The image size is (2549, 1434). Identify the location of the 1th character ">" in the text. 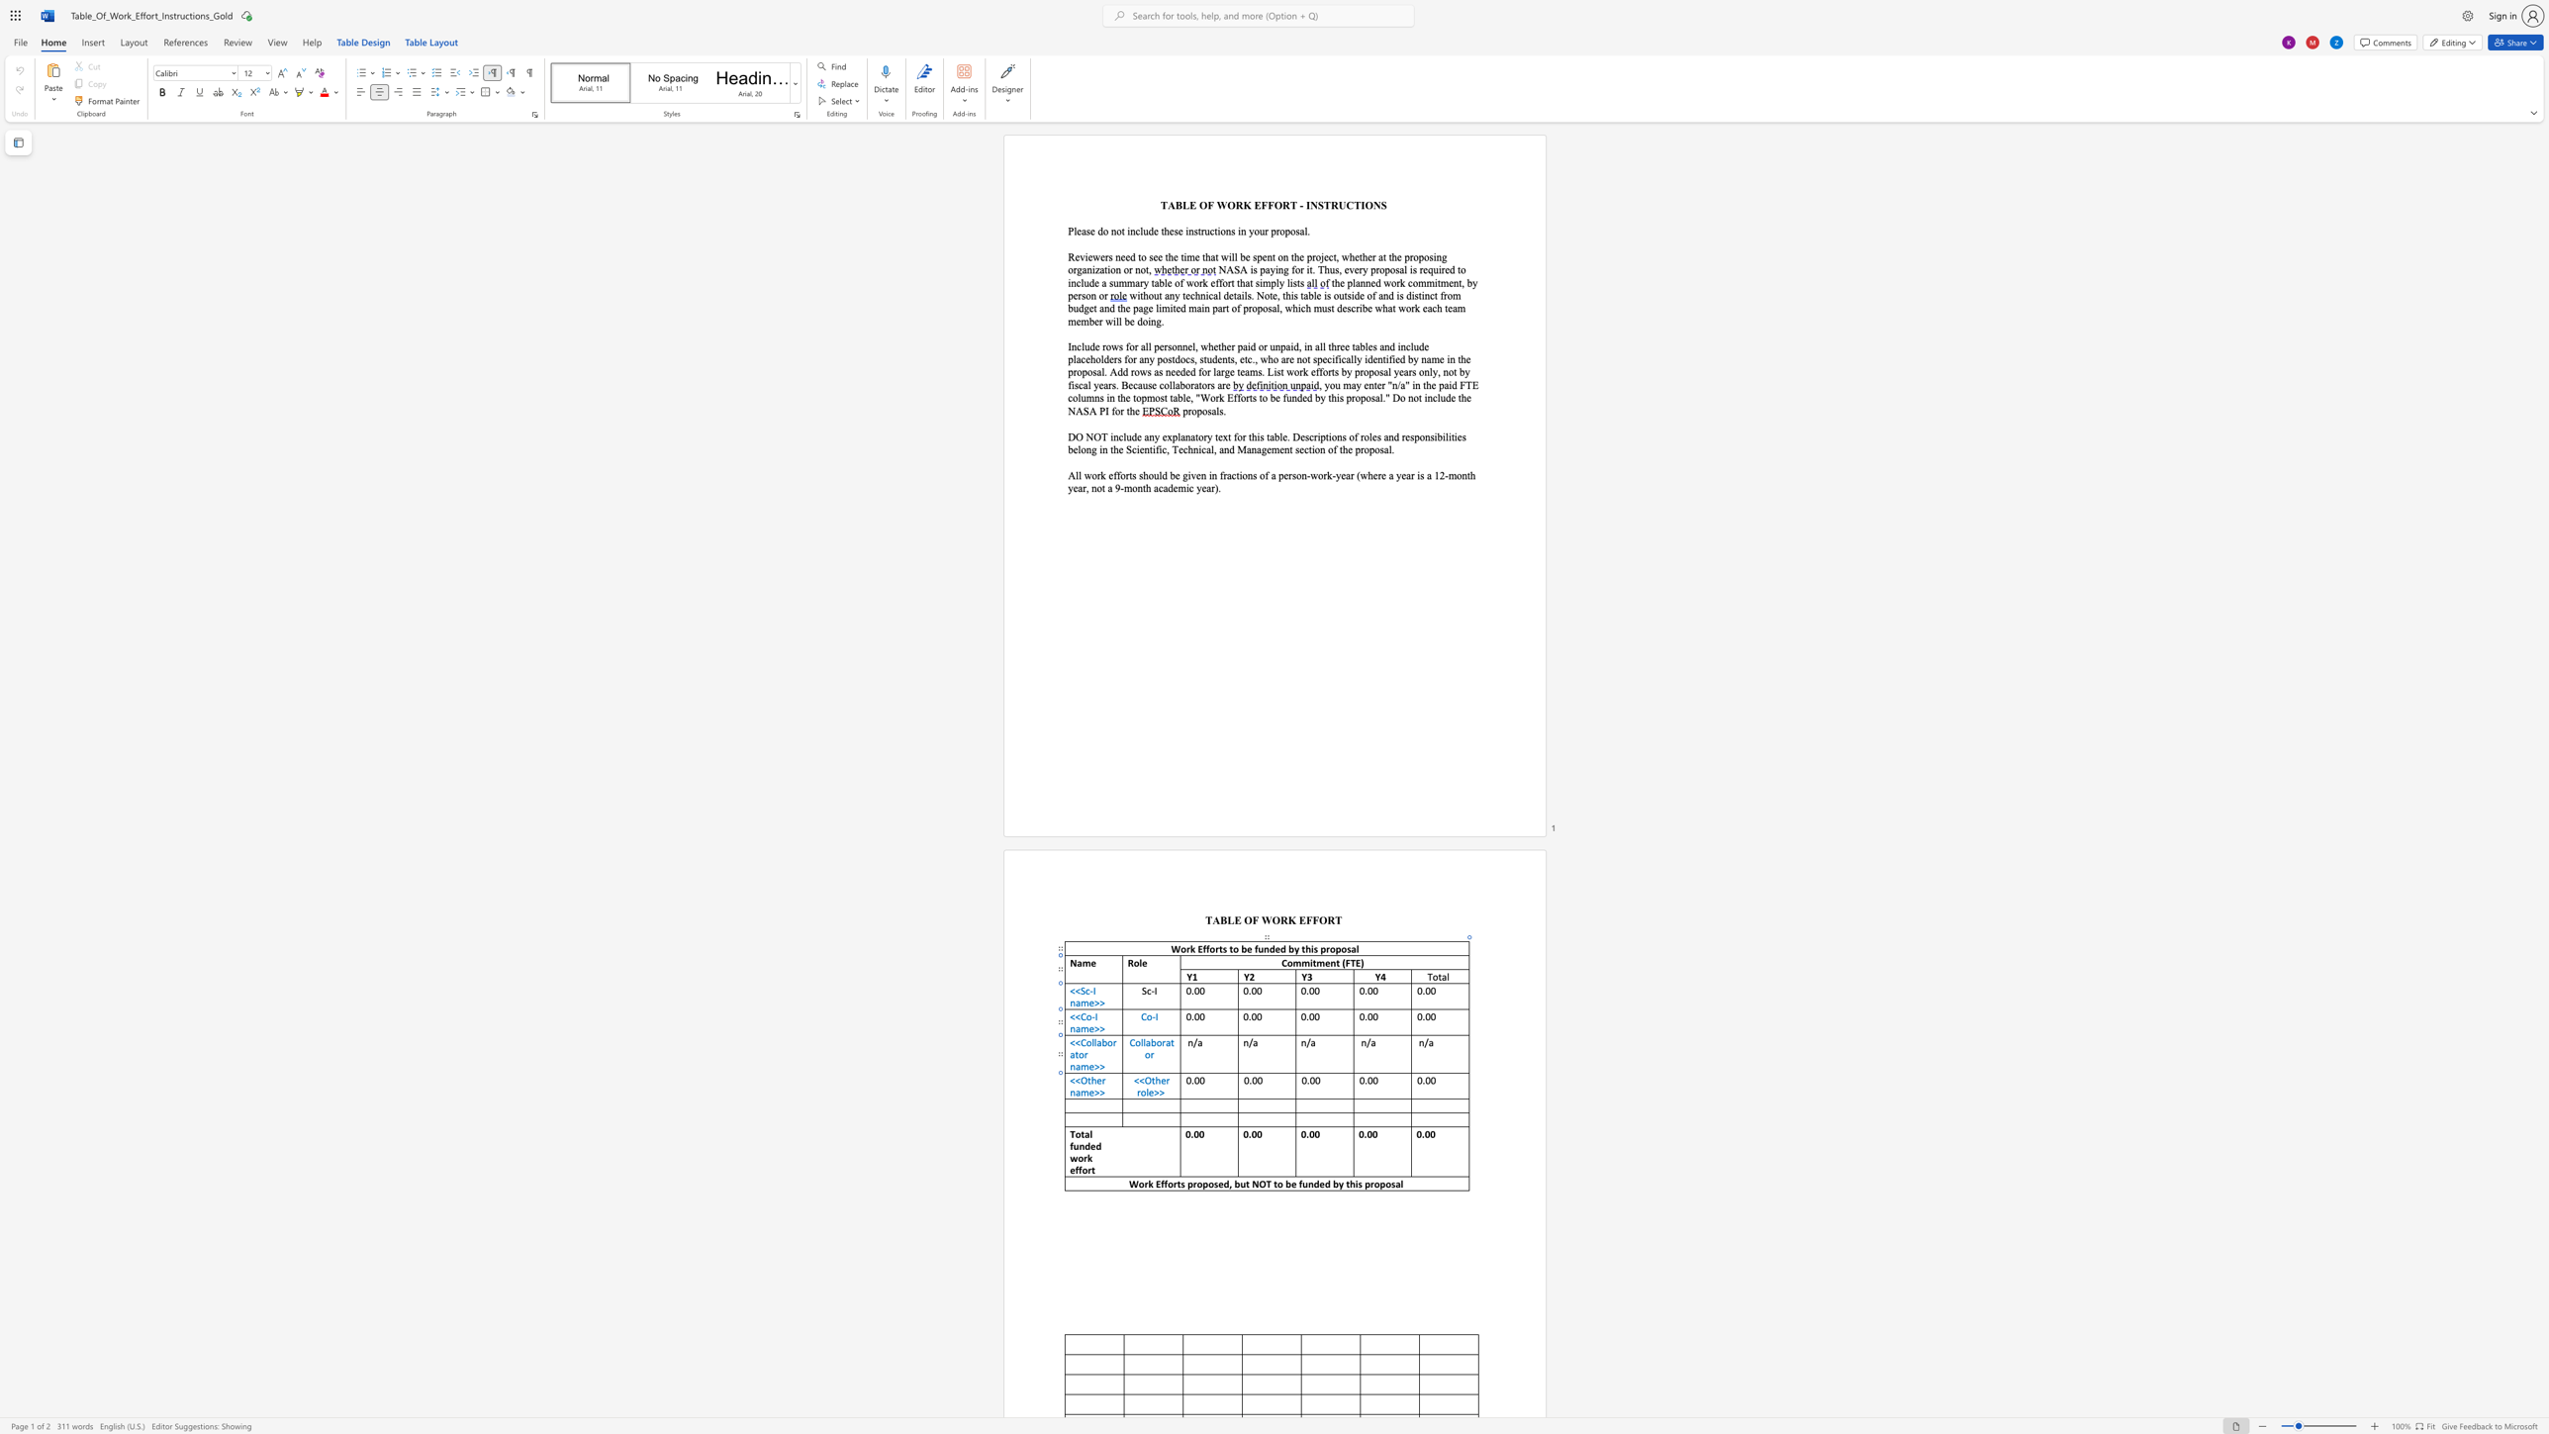
(1096, 1092).